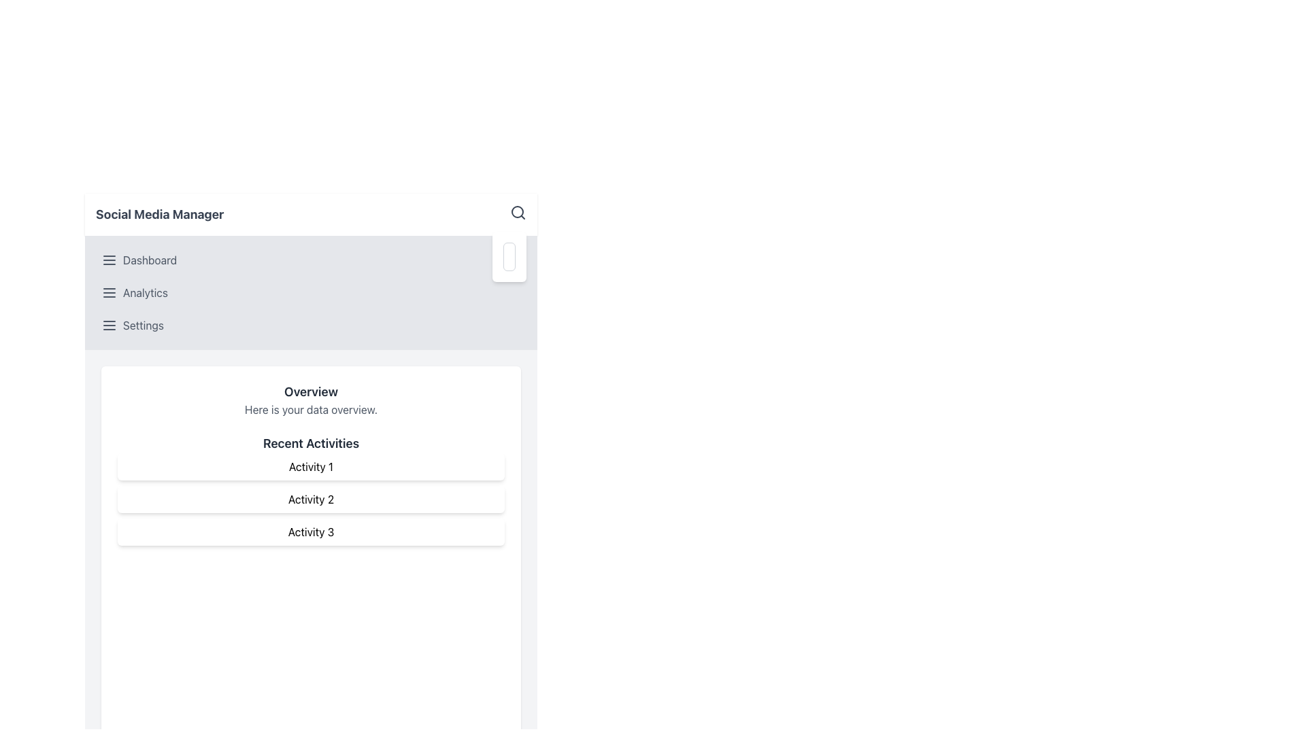 Image resolution: width=1306 pixels, height=734 pixels. What do you see at coordinates (310, 500) in the screenshot?
I see `the second item in the vertical list within the 'Recent Activities' section, which displays a list of activities for the user` at bounding box center [310, 500].